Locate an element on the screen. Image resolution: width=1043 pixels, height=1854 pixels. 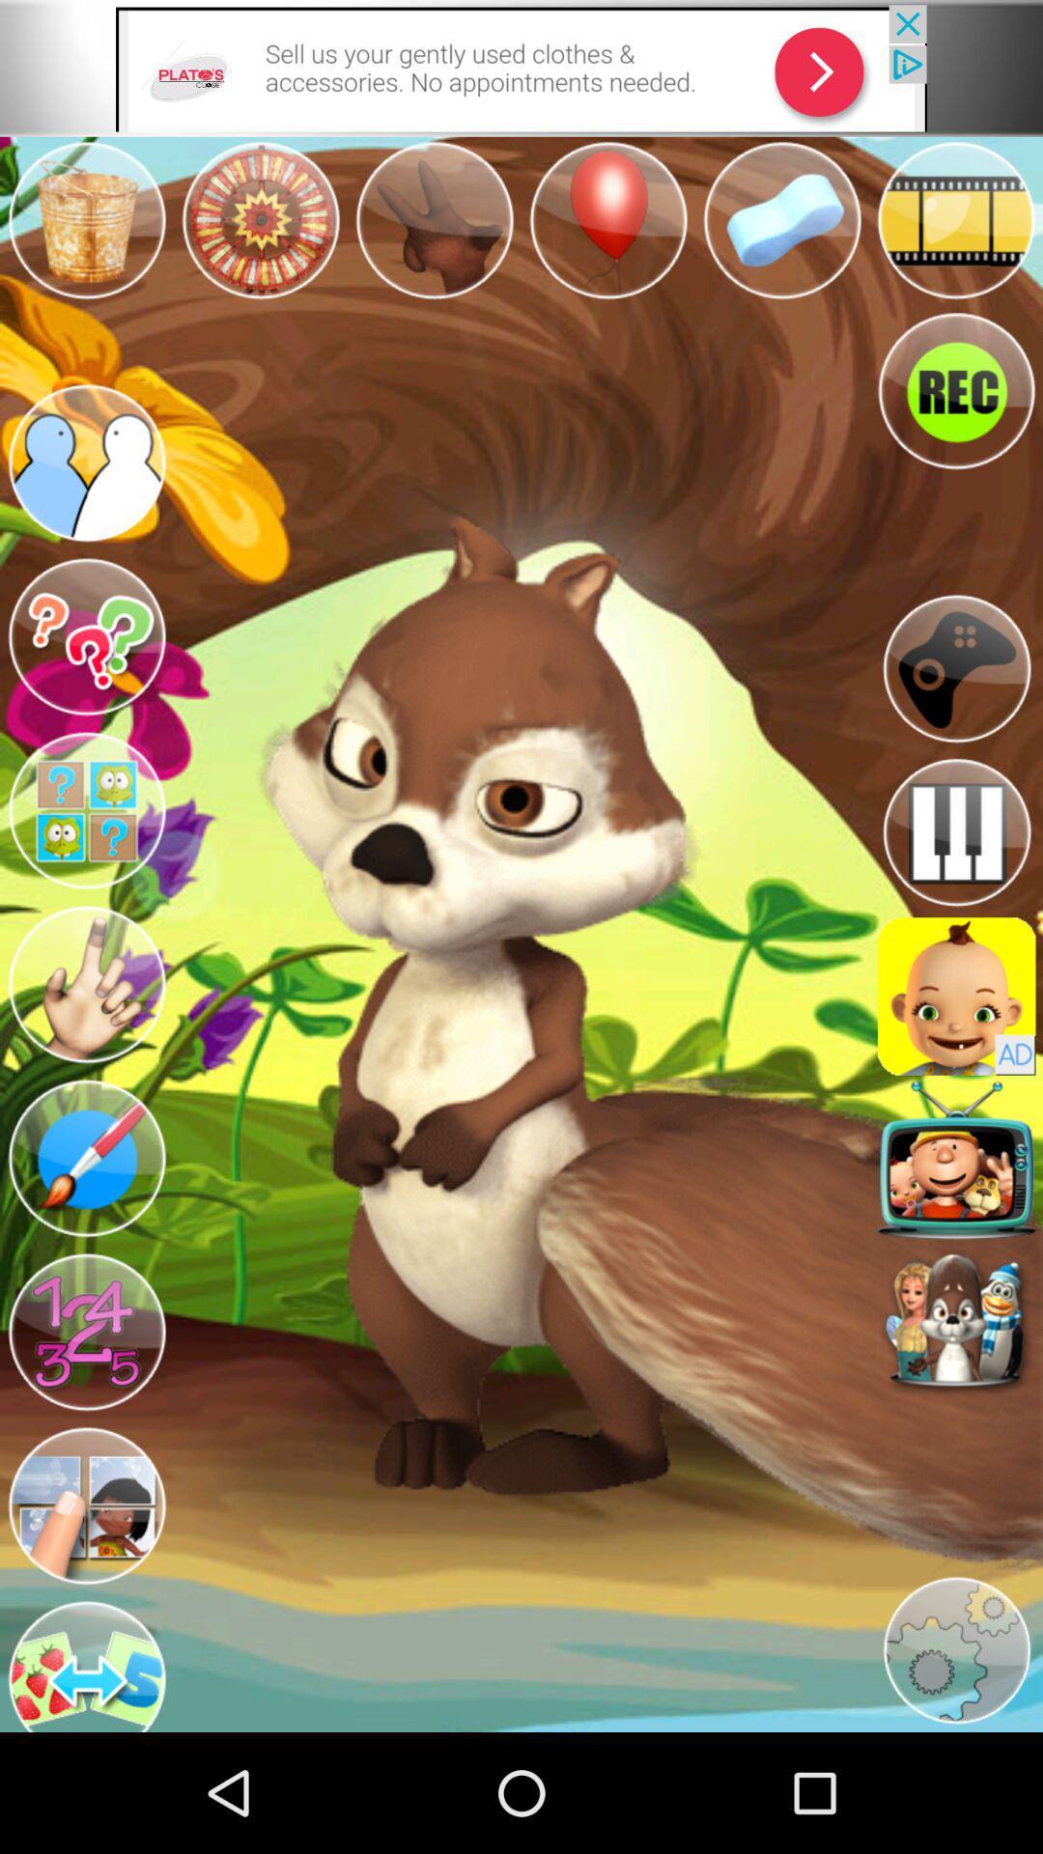
an icon resembling a keyboard that opens an app is located at coordinates (956, 832).